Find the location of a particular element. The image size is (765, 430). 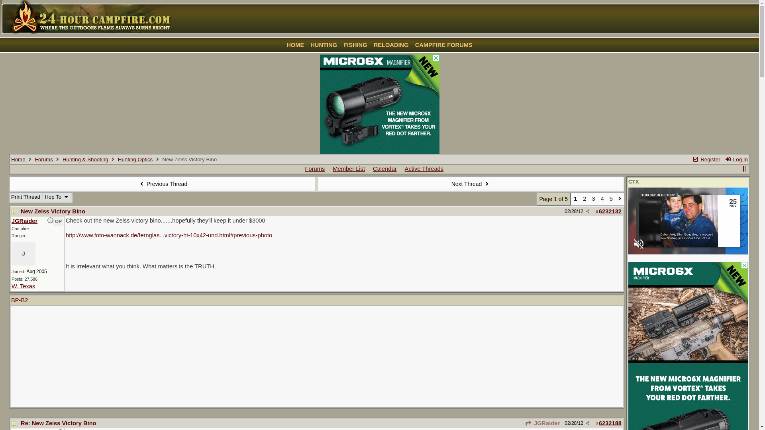

'Calendar' is located at coordinates (384, 168).